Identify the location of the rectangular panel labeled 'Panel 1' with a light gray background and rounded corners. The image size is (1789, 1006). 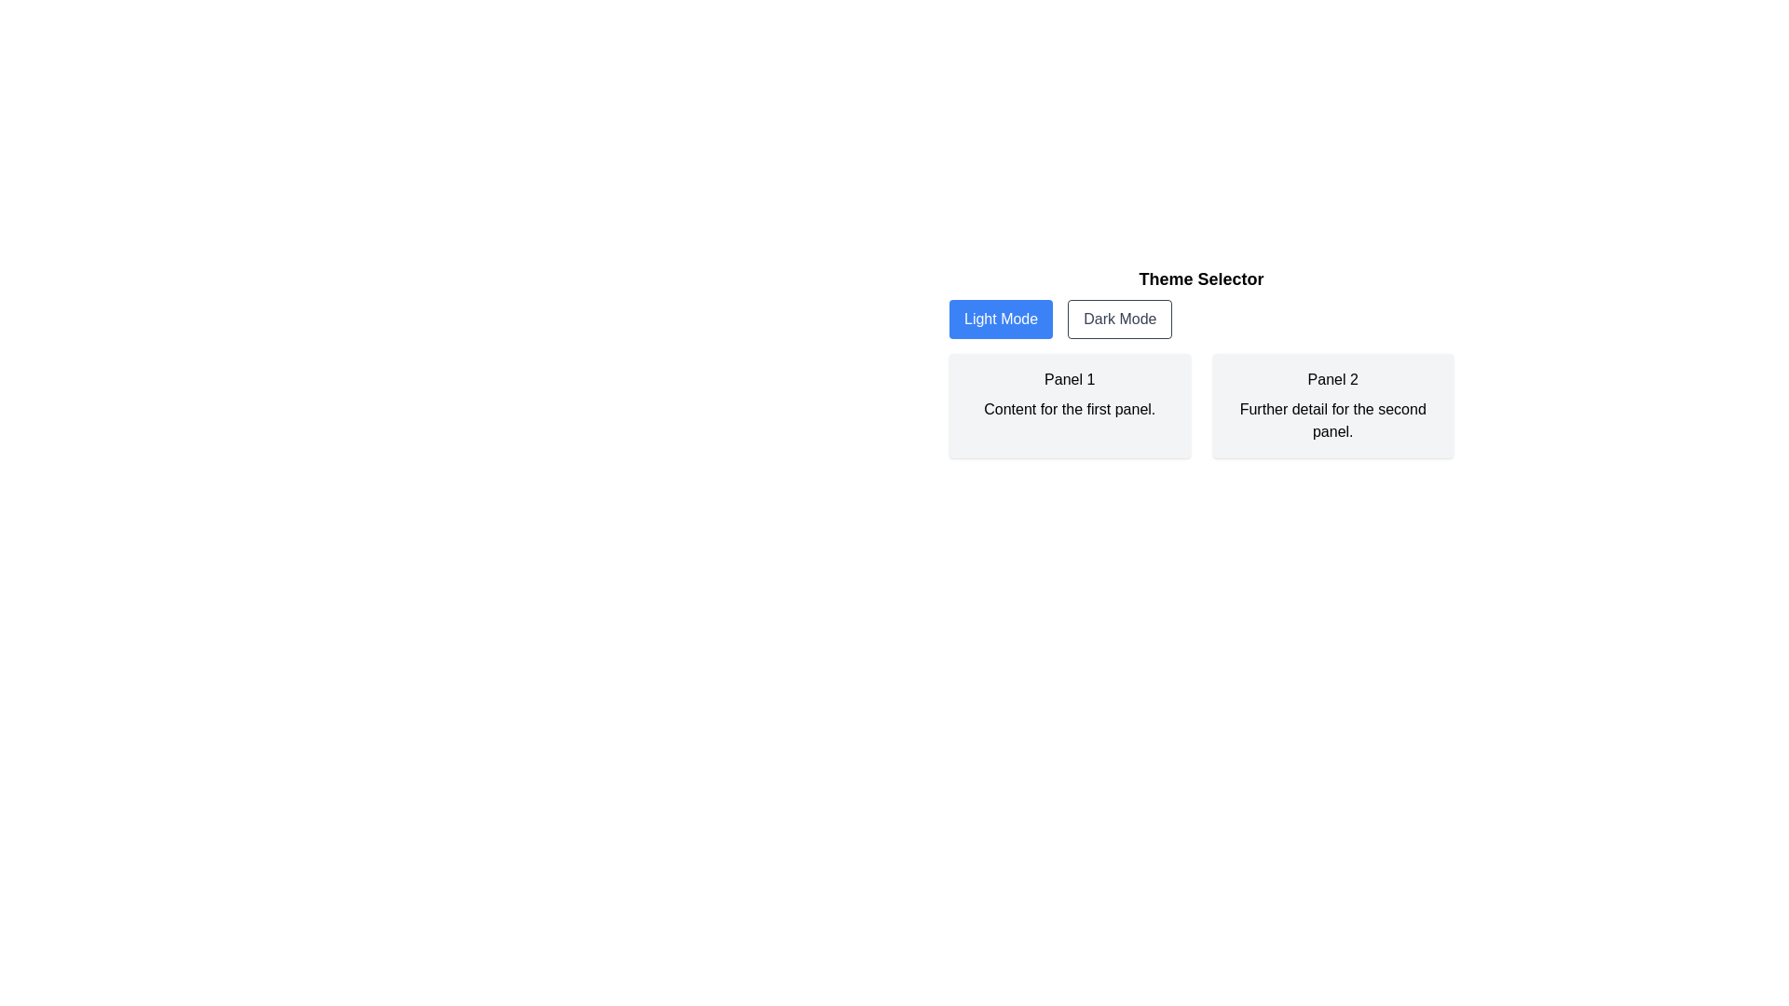
(1070, 404).